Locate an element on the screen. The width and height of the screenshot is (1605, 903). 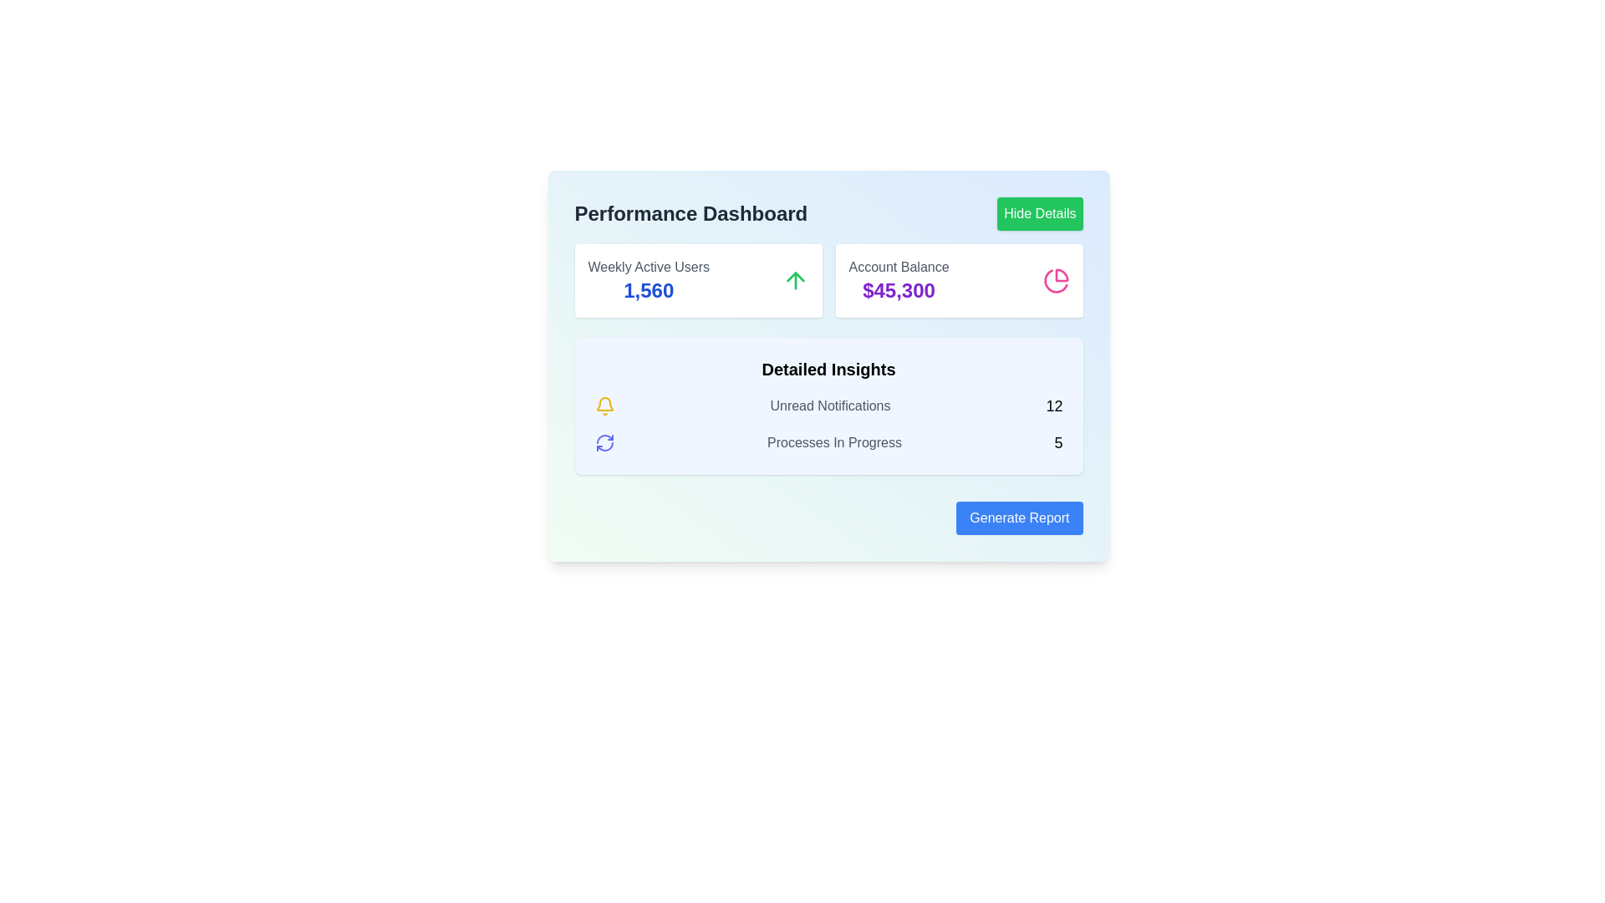
the blue 'Generate Report' button located at the bottom right corner of the interface to observe its hover effect is located at coordinates (1018, 518).